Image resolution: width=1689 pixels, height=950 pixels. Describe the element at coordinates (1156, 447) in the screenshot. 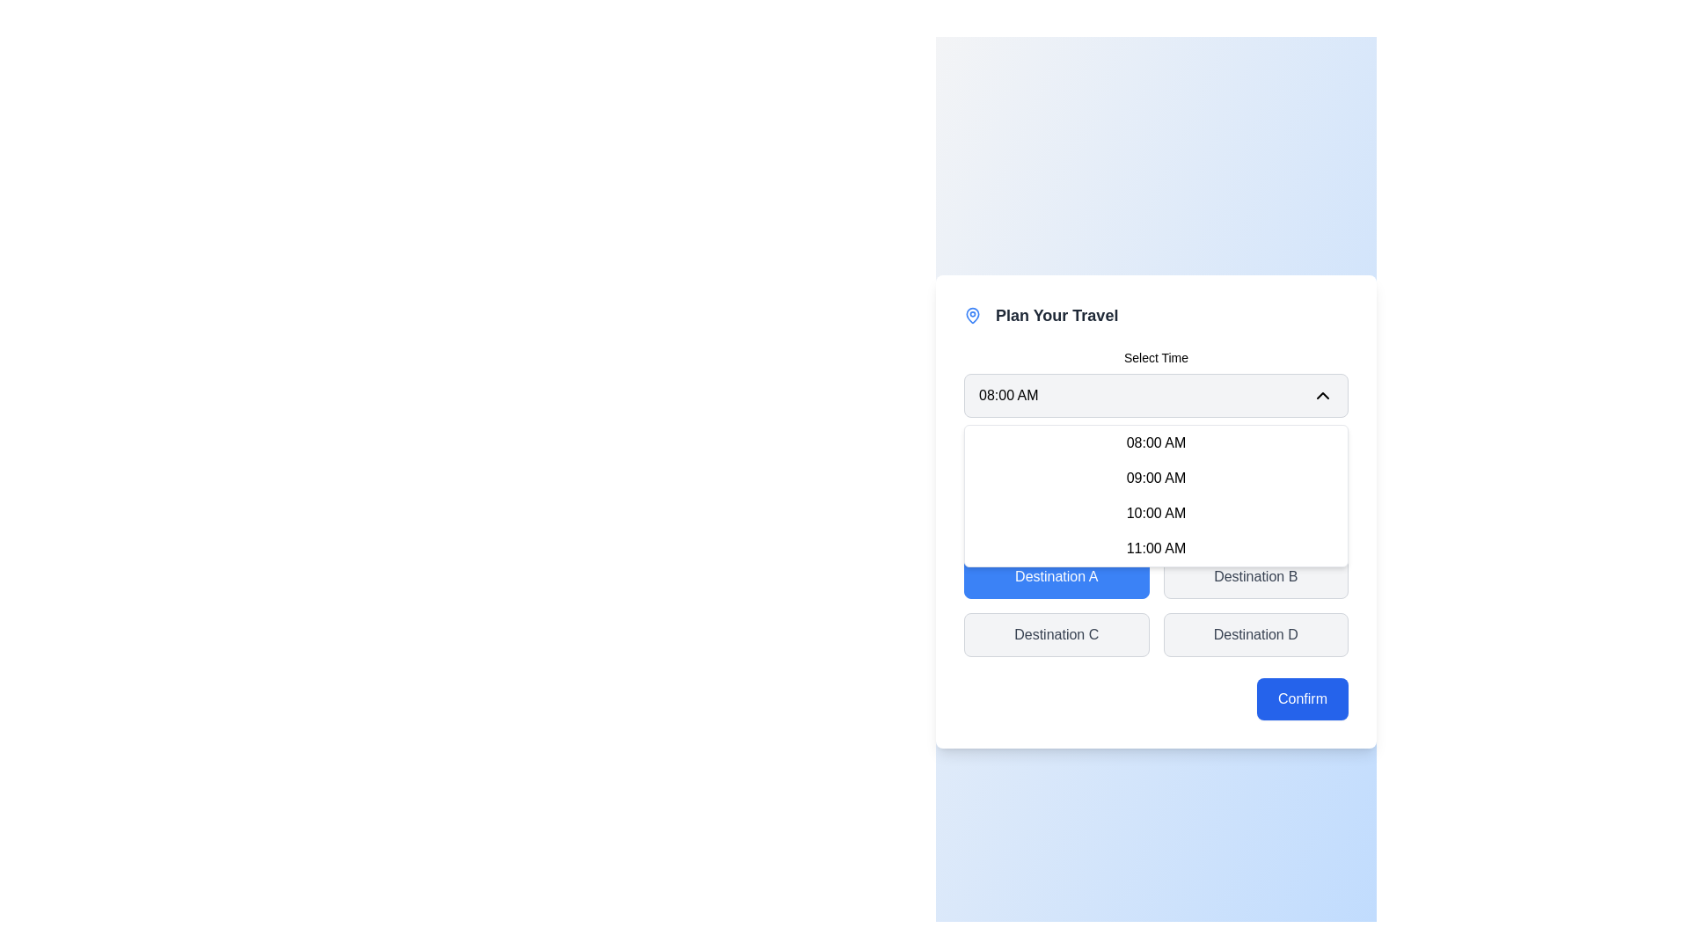

I see `text label that says 'Select Date', which is positioned centrally above the date input field` at that location.